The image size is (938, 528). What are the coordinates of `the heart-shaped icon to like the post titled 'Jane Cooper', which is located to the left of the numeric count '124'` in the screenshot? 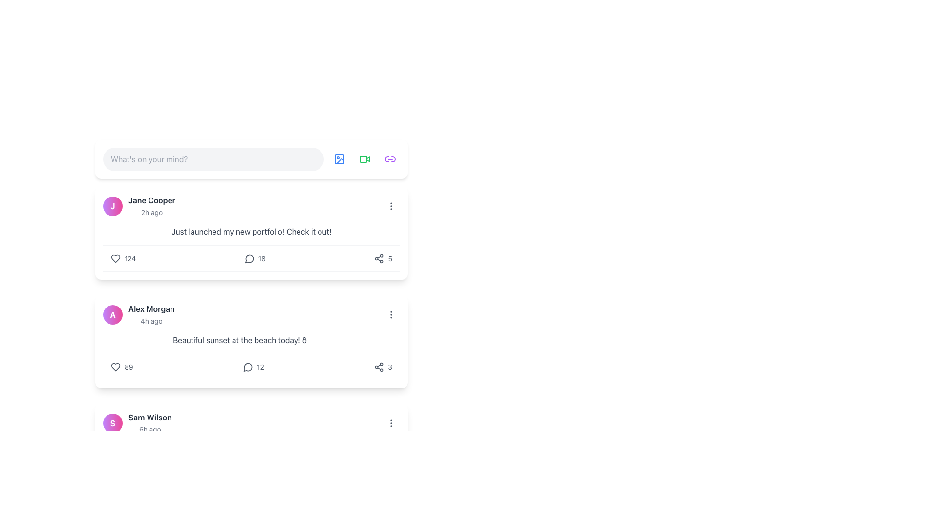 It's located at (115, 258).